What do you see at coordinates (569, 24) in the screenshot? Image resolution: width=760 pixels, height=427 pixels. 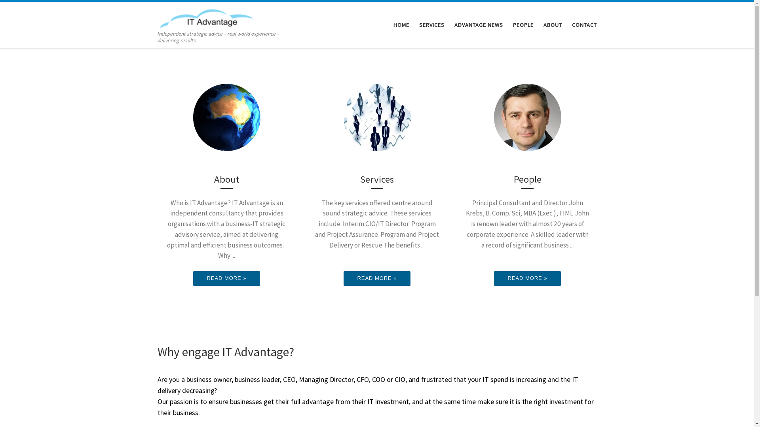 I see `'CONTACT'` at bounding box center [569, 24].